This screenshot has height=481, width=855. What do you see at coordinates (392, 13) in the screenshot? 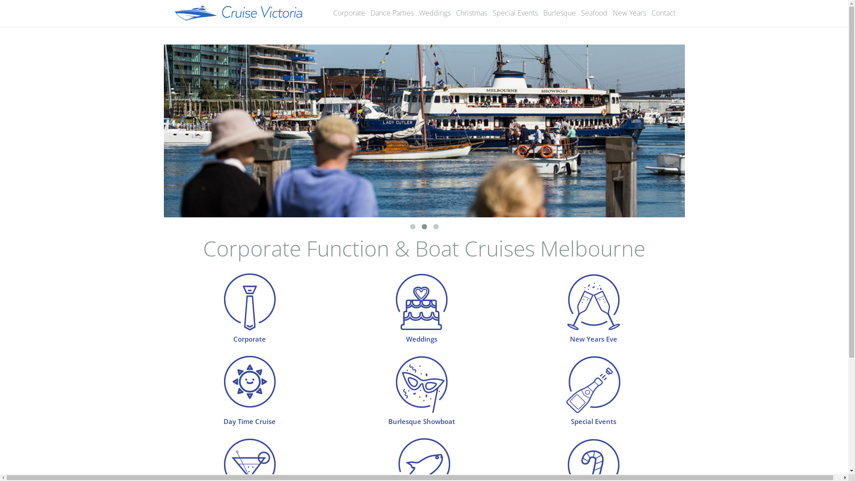
I see `'Dance Parties'` at bounding box center [392, 13].